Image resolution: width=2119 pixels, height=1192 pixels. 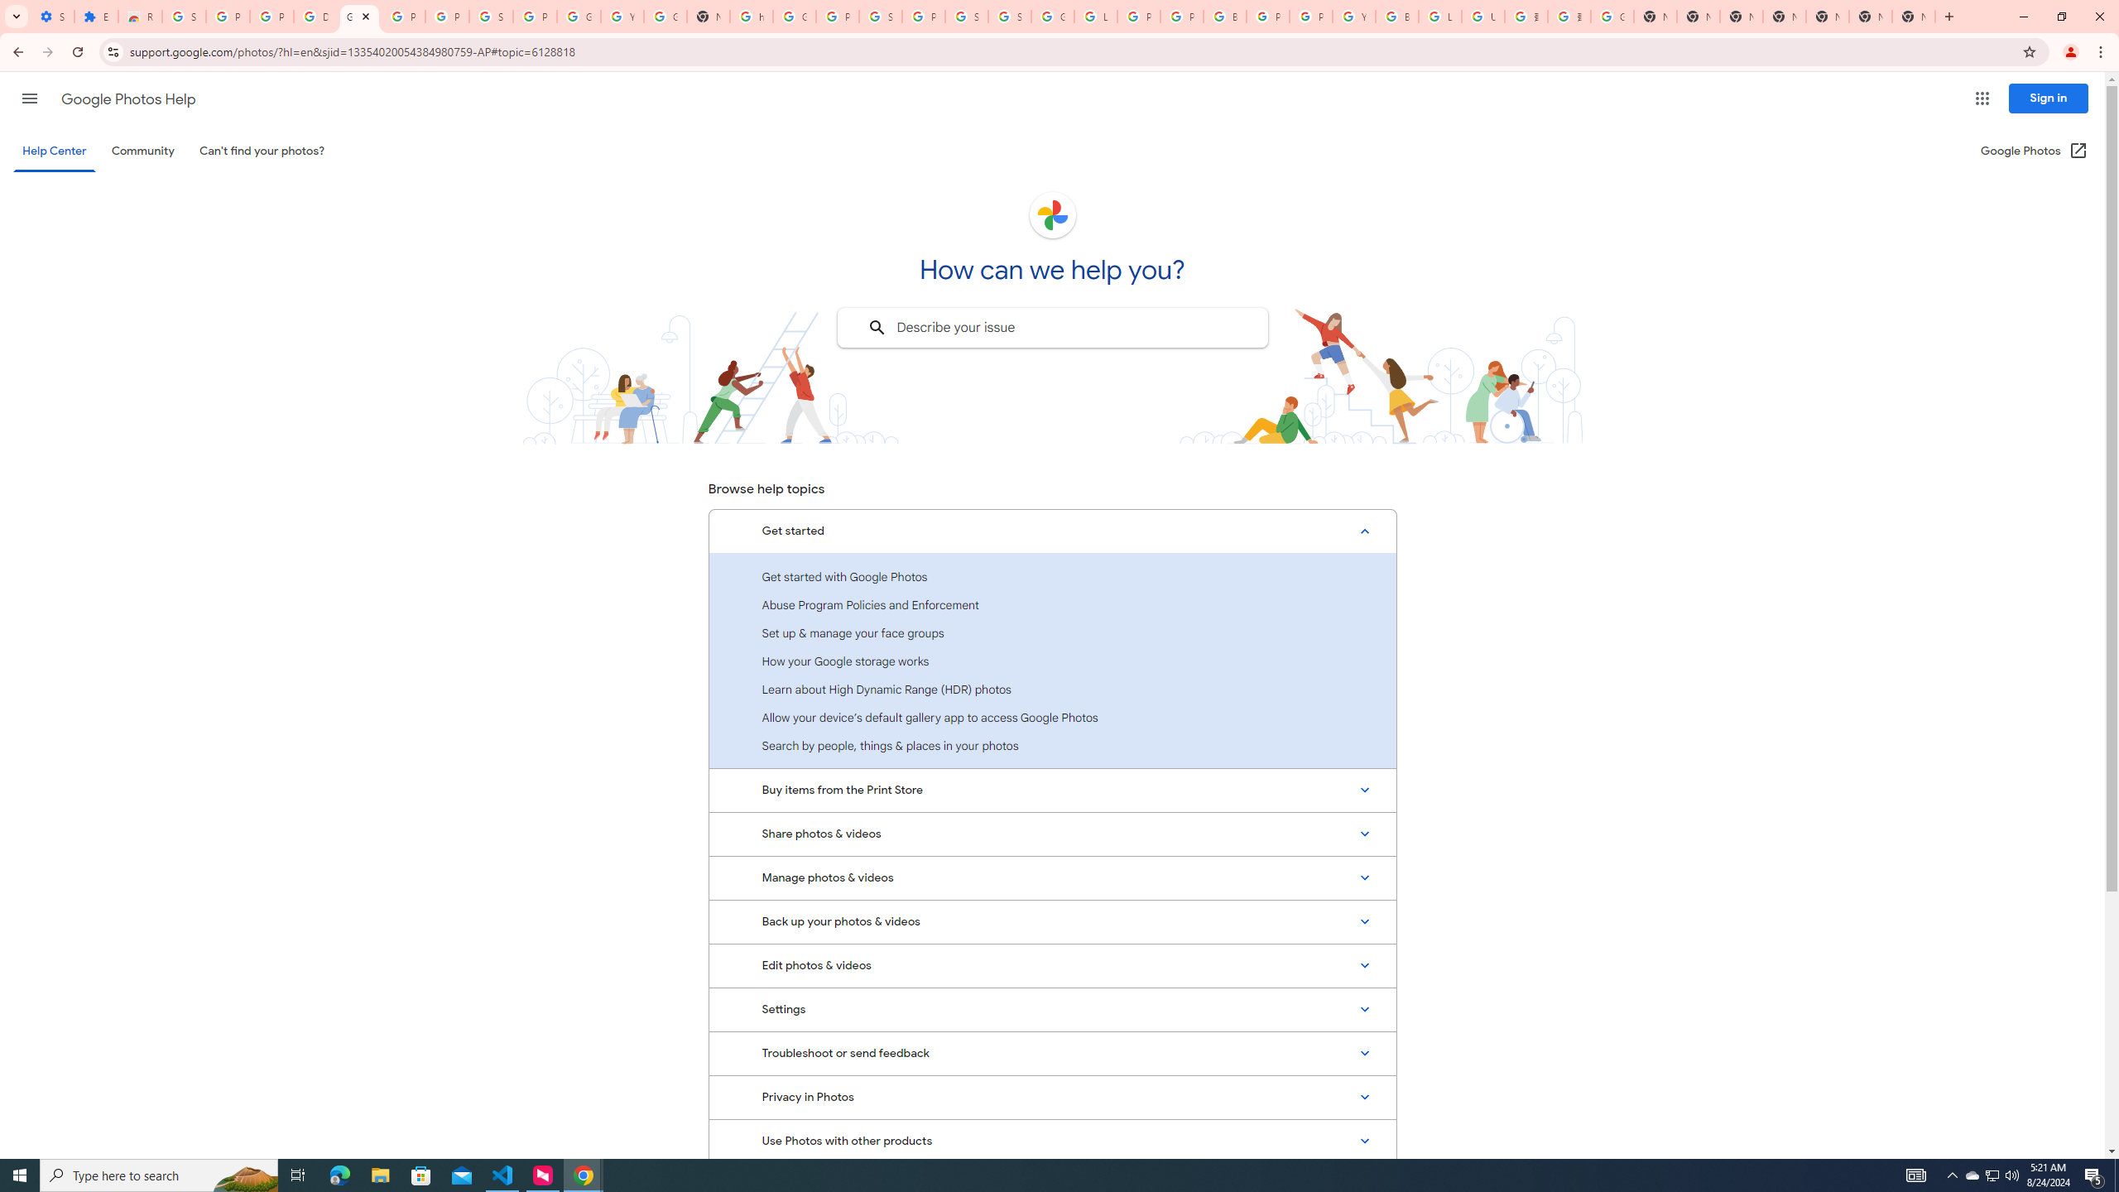 I want to click on 'Use Photos with other products', so click(x=1052, y=1141).